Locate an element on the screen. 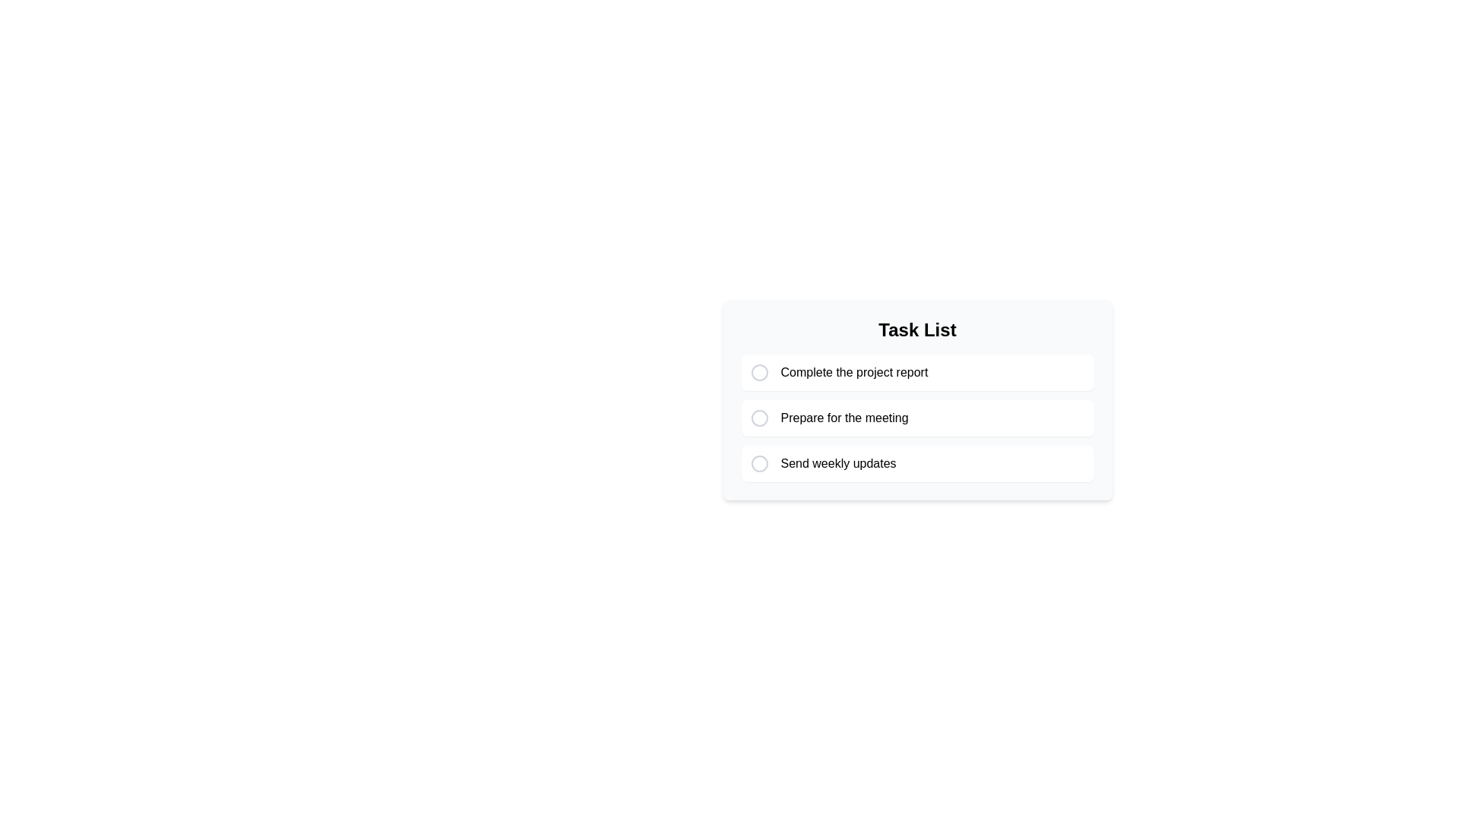  the SVG circle checkbox for the task labeled 'Send weekly updates' in the task list interface, which has a thin black stroke and is centered within a larger circle is located at coordinates (759, 462).